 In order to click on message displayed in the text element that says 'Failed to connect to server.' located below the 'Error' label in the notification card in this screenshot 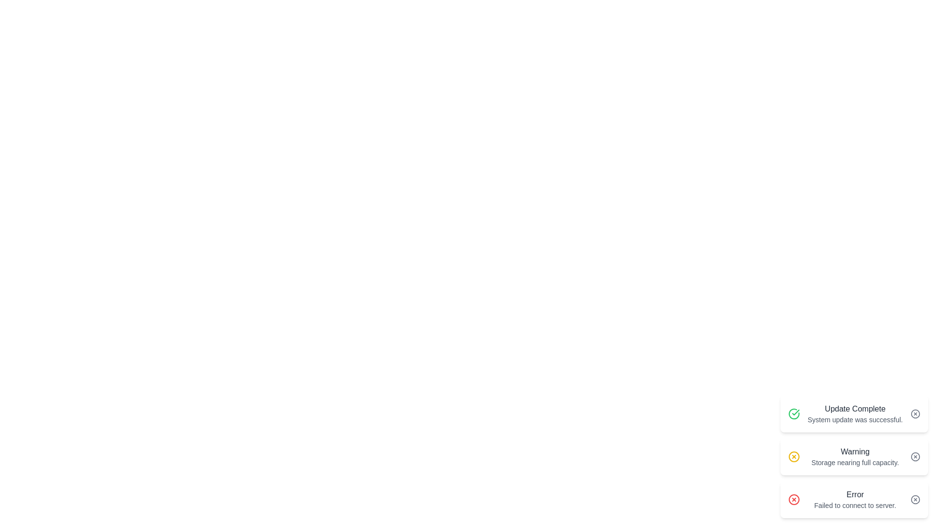, I will do `click(855, 505)`.